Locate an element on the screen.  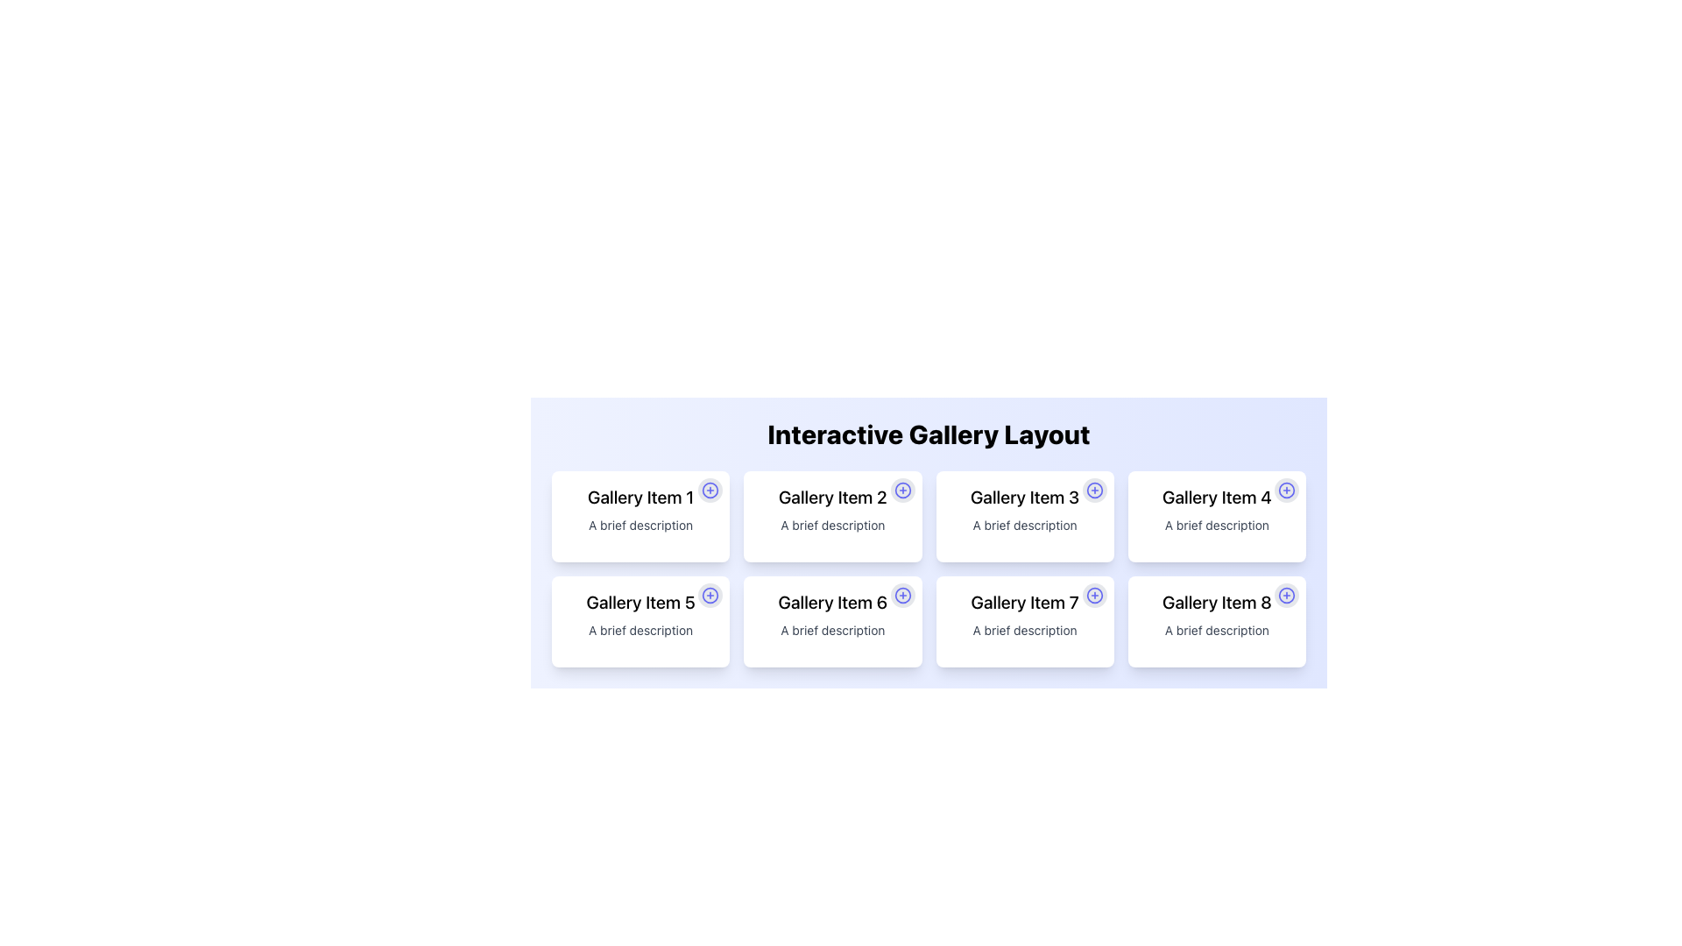
the inner circular component of the icon located within the 'Gallery Item 6' card in the lower row of the two-row grid of gallery cards is located at coordinates (902, 594).